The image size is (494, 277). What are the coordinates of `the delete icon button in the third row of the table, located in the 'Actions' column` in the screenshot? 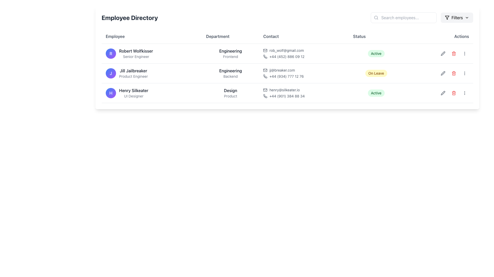 It's located at (454, 93).